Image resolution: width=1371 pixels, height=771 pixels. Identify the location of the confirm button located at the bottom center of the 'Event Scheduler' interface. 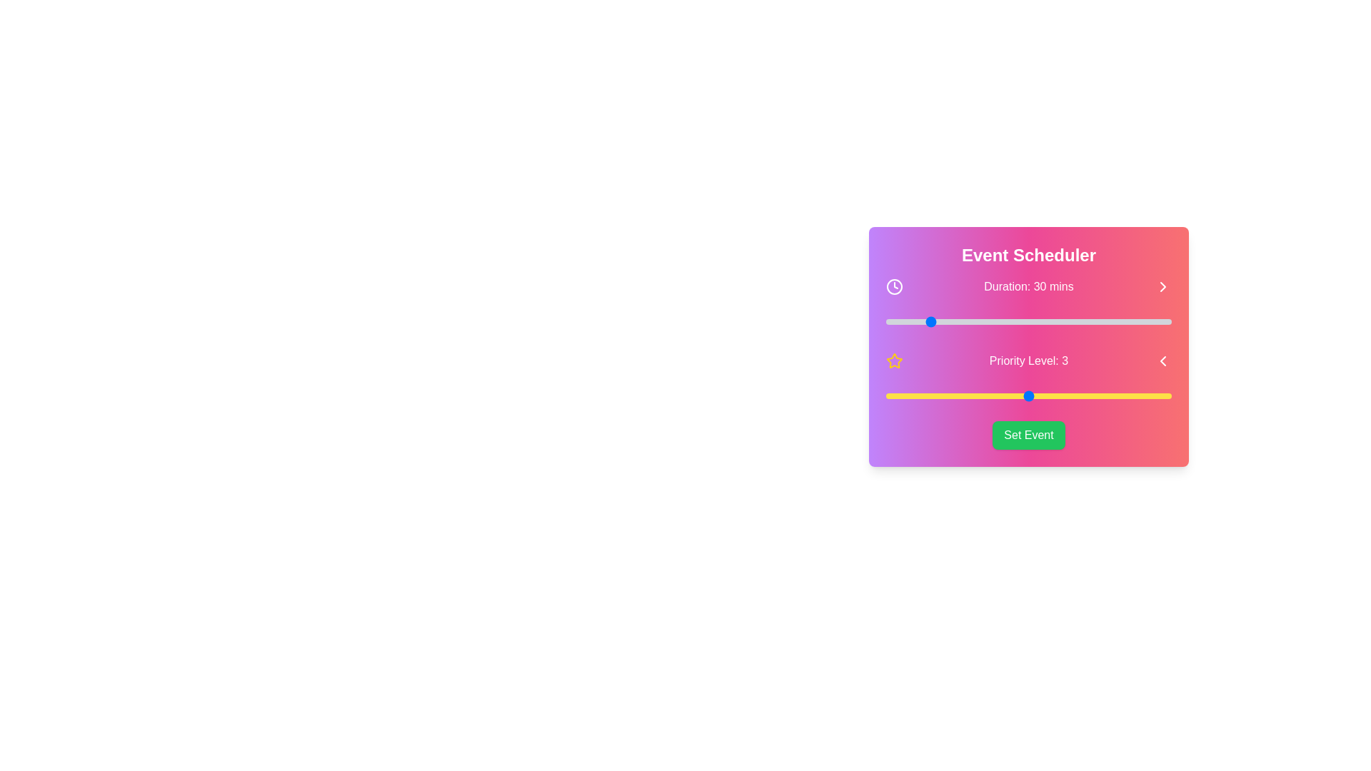
(1028, 434).